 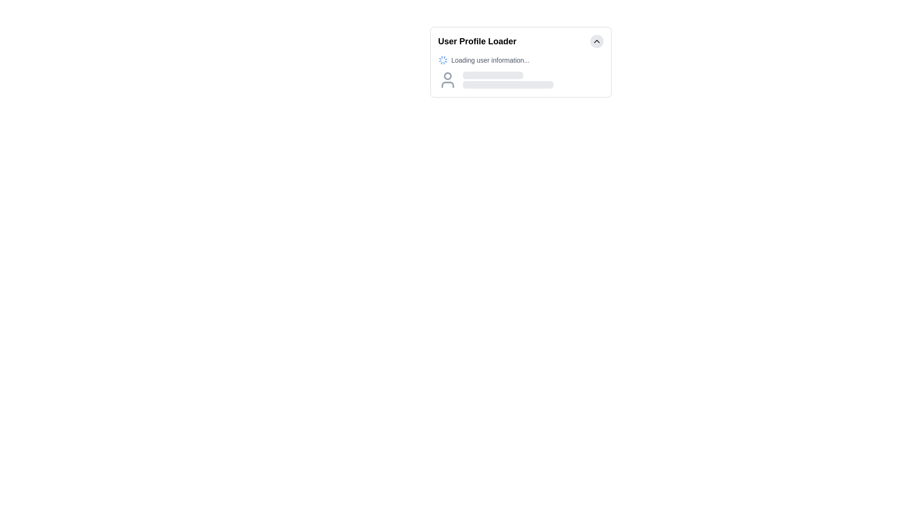 What do you see at coordinates (596, 41) in the screenshot?
I see `the circular button containing the Chevron Up icon located at the top-right corner of the 'User Profile Loader' card` at bounding box center [596, 41].